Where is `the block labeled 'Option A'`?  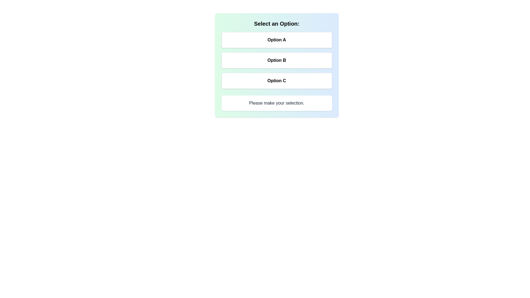
the block labeled 'Option A' is located at coordinates (277, 60).